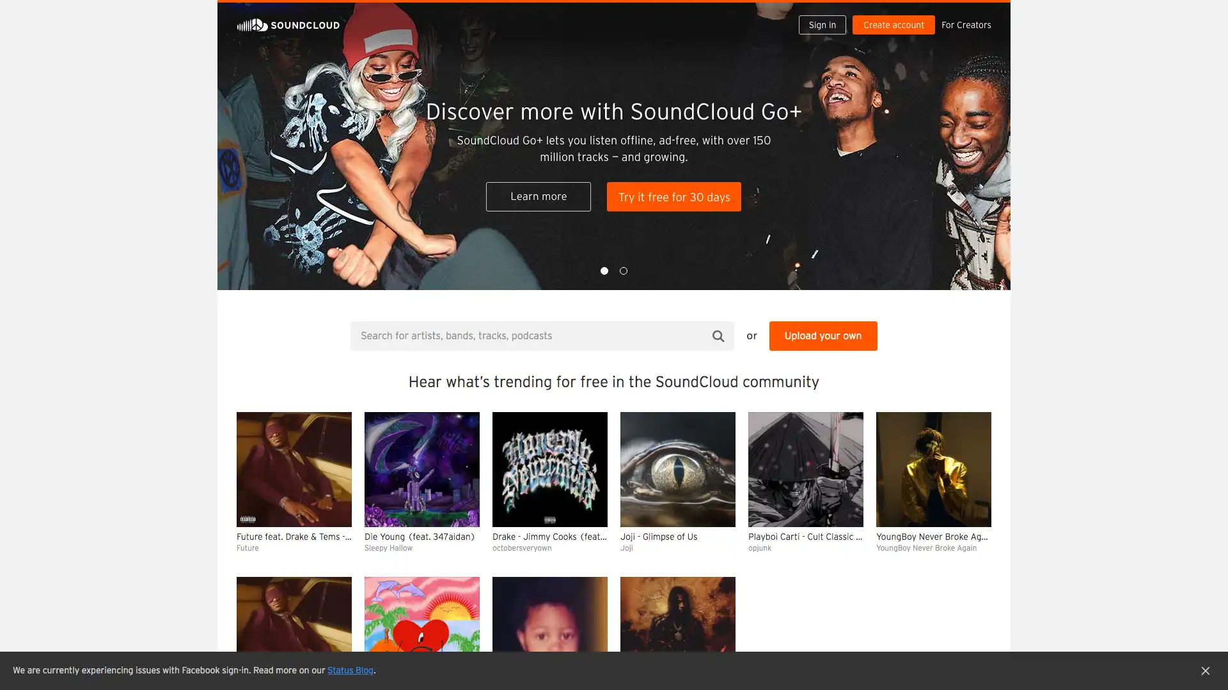  Describe the element at coordinates (718, 335) in the screenshot. I see `Search` at that location.